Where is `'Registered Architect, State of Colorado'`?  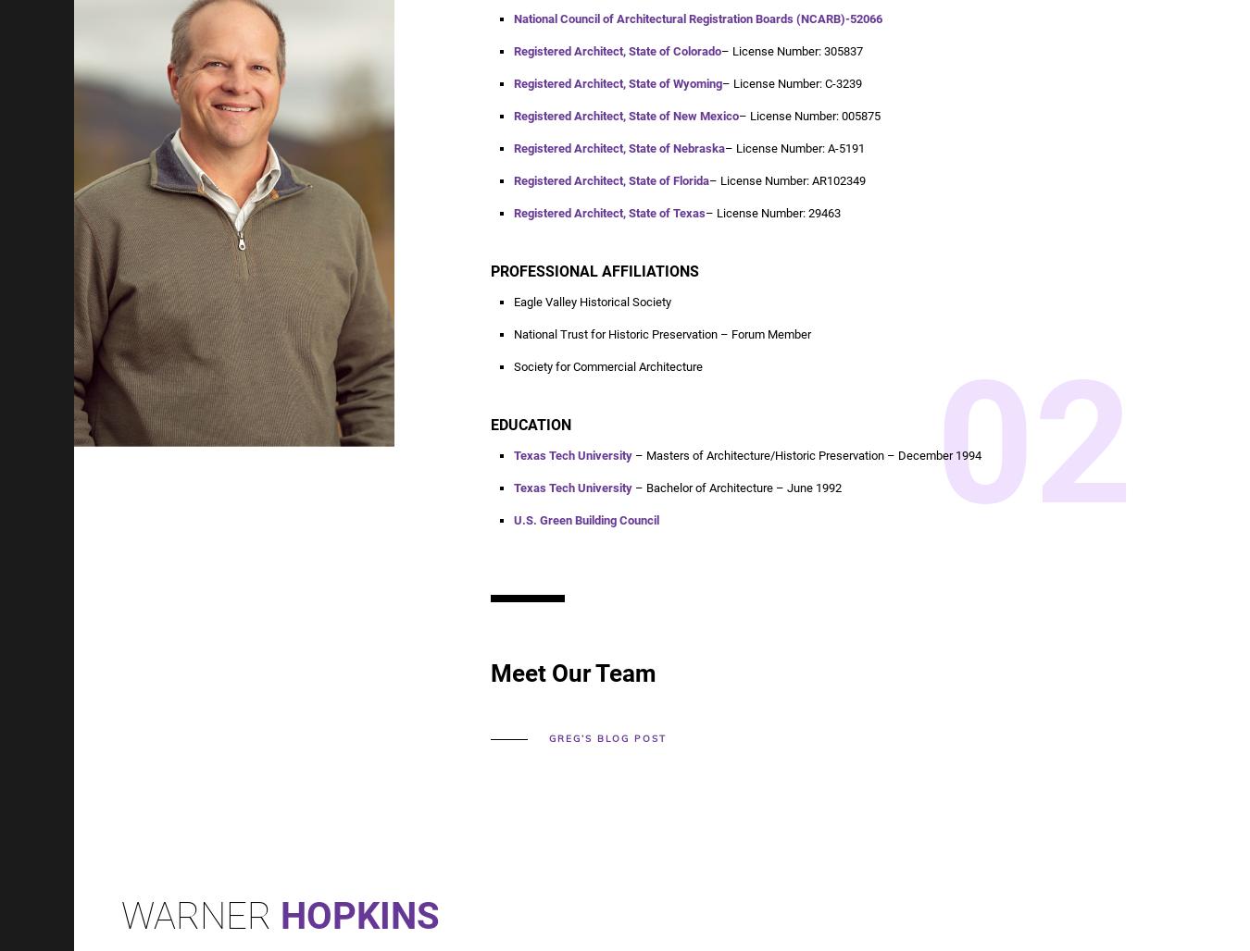 'Registered Architect, State of Colorado' is located at coordinates (618, 51).